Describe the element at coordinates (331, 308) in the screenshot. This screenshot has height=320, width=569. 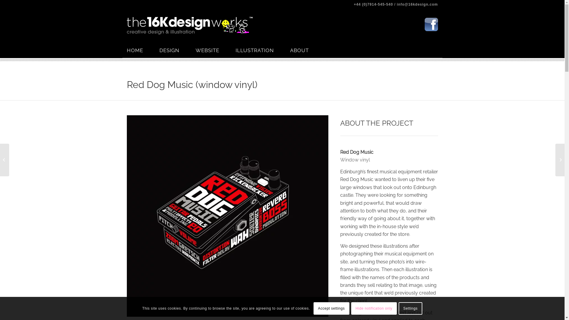
I see `'Accept settings'` at that location.